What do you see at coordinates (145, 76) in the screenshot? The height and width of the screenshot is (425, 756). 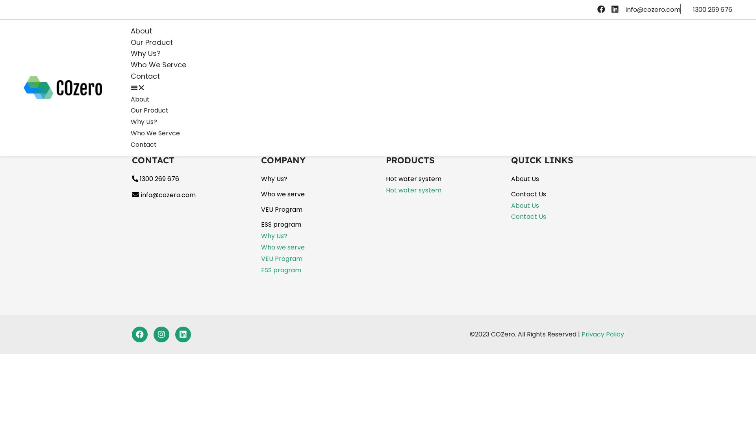 I see `'Contact'` at bounding box center [145, 76].